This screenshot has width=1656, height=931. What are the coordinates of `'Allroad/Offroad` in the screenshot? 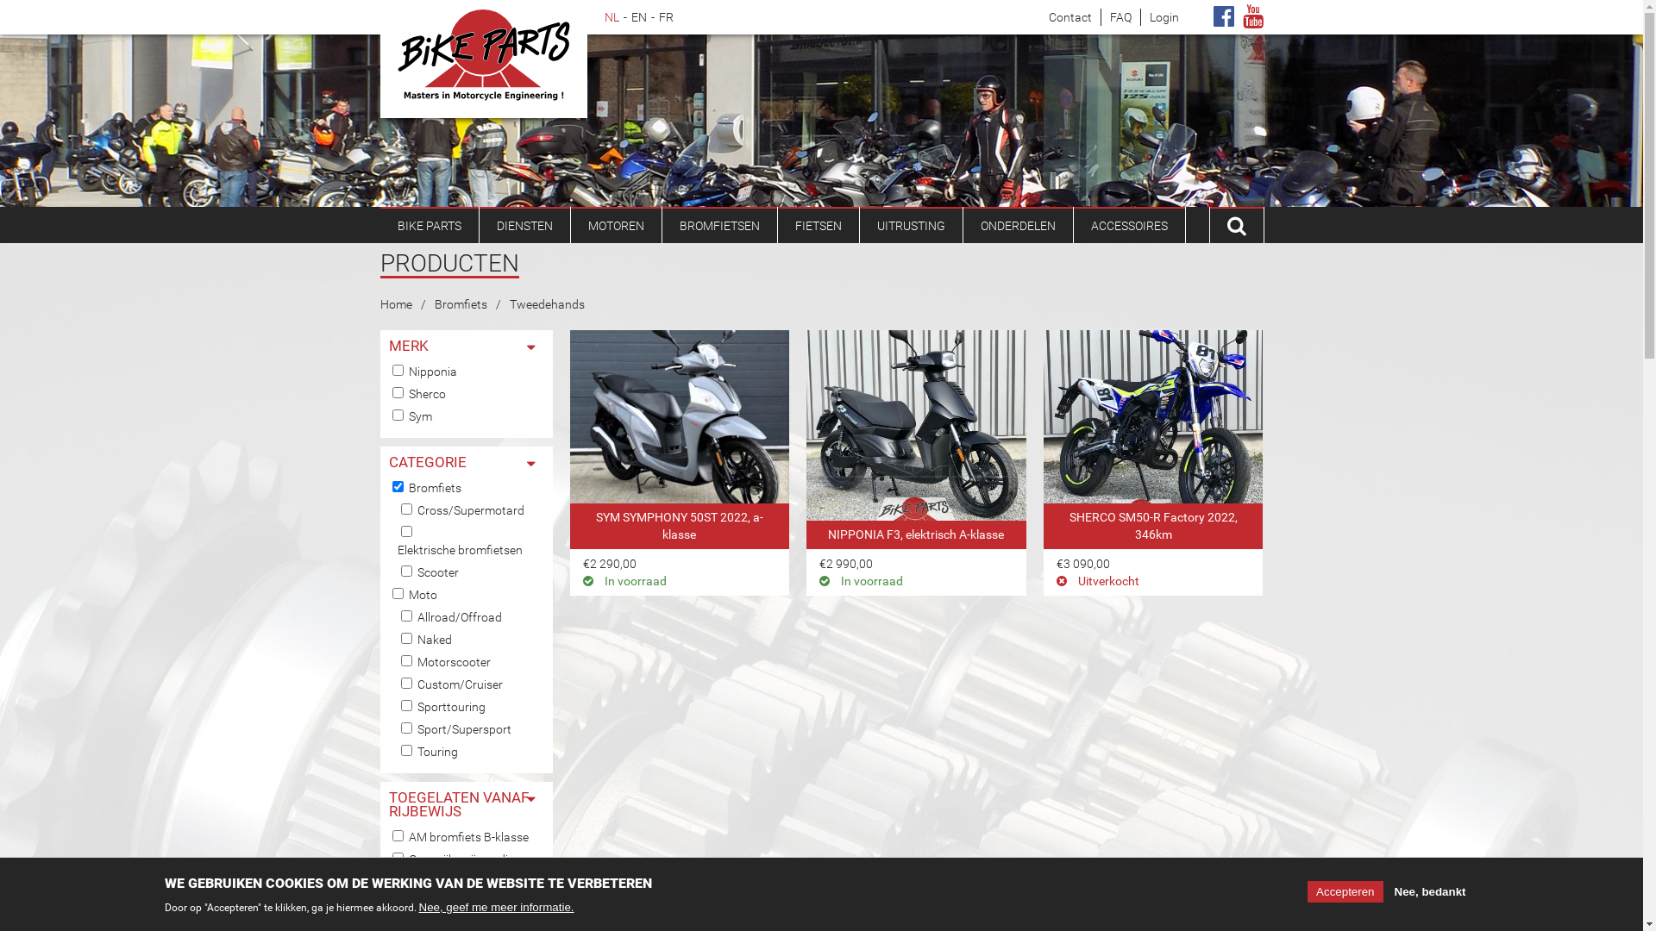 It's located at (459, 616).